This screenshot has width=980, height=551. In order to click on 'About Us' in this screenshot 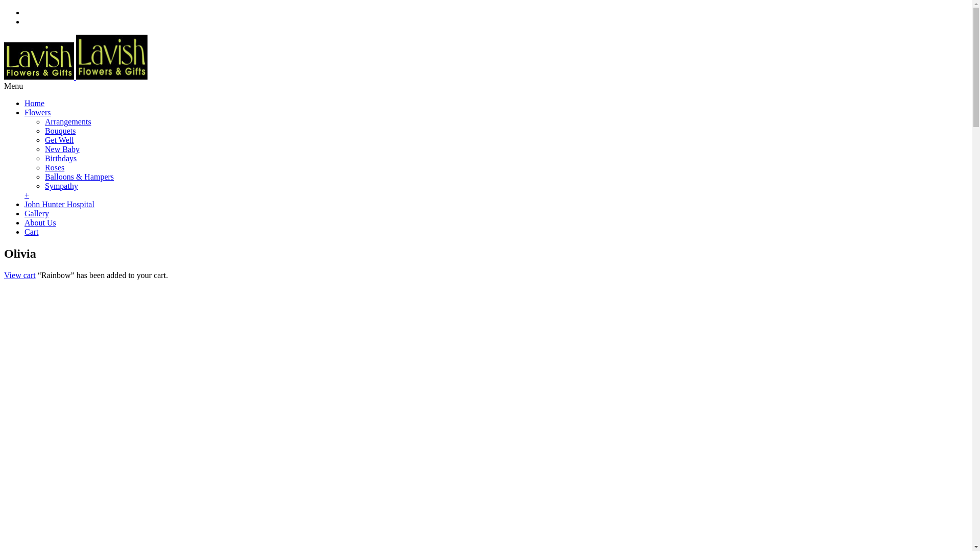, I will do `click(40, 222)`.